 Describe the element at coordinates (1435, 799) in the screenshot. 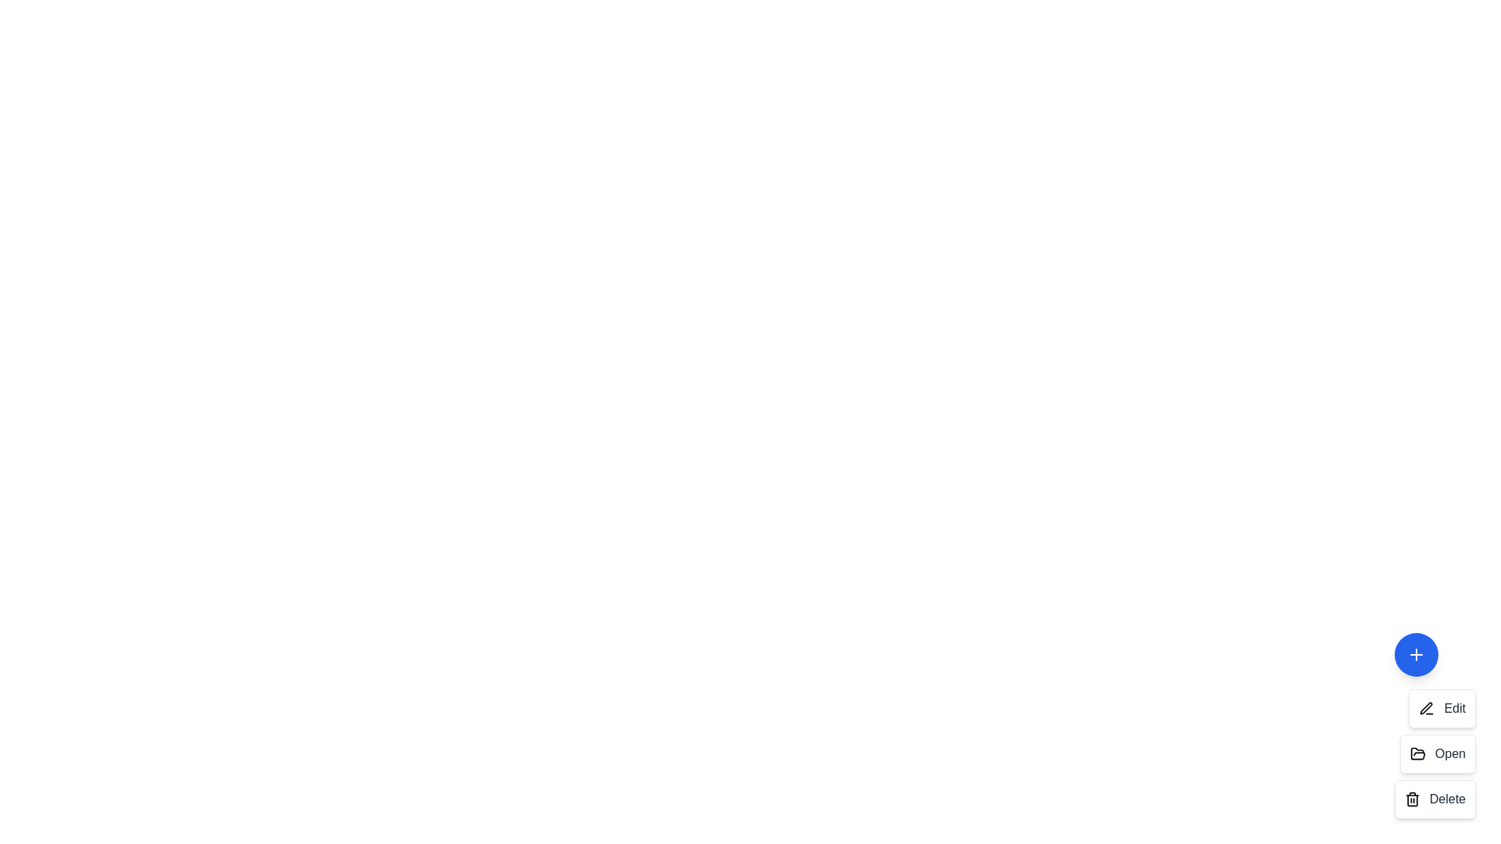

I see `the action item Delete in the speed dial` at that location.